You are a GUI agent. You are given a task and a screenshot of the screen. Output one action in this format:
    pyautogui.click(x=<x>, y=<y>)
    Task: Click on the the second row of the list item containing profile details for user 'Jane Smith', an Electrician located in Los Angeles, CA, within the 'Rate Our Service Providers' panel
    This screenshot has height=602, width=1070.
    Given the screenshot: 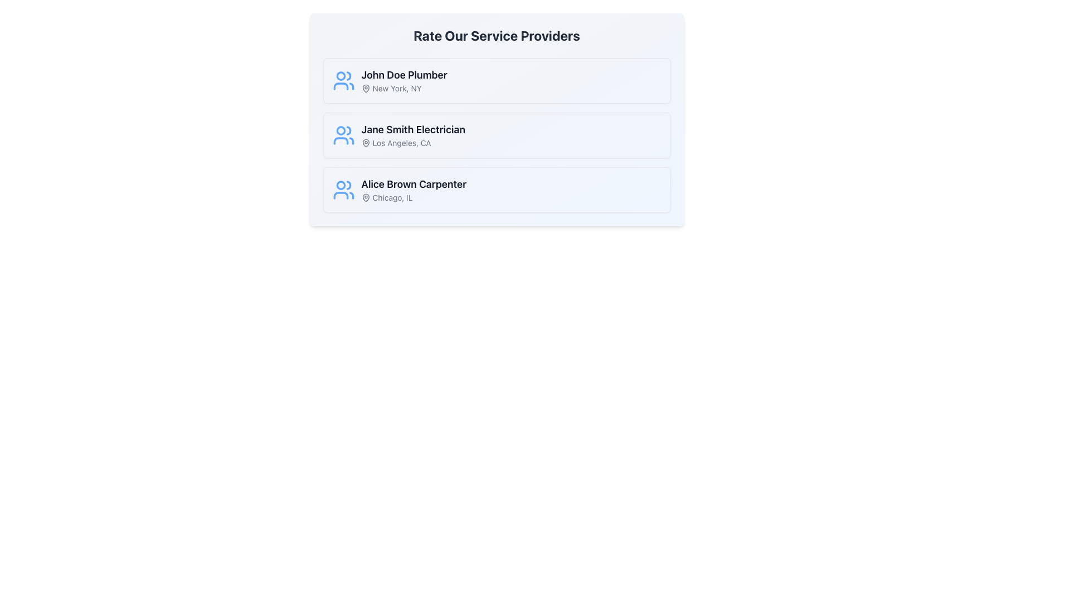 What is the action you would take?
    pyautogui.click(x=398, y=135)
    